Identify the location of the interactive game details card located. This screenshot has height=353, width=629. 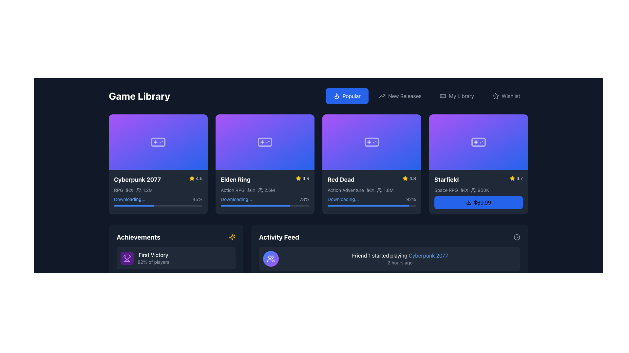
(158, 163).